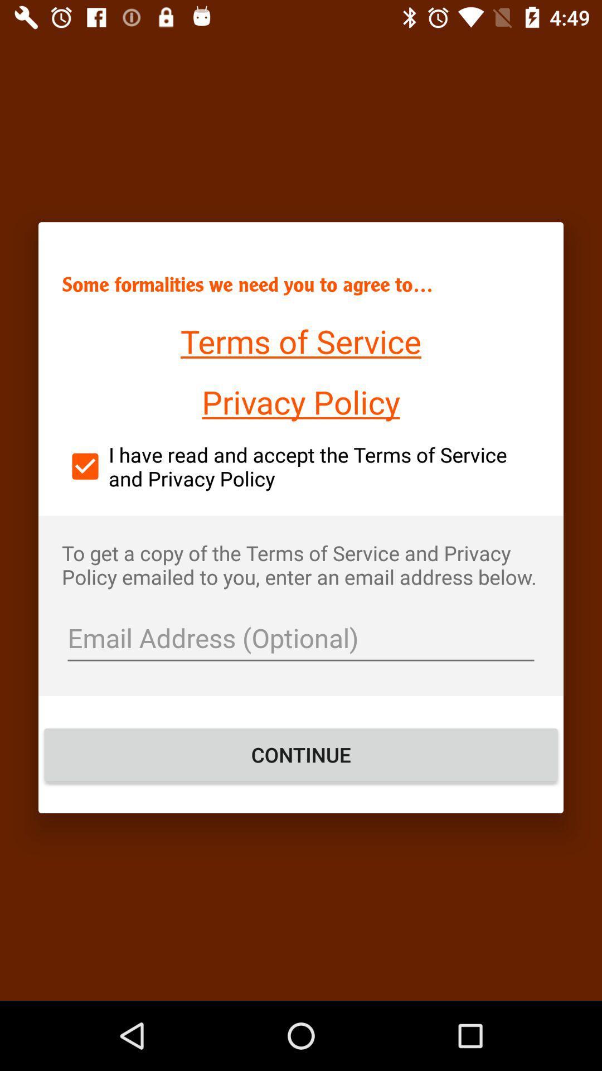 This screenshot has width=602, height=1071. I want to click on text field foe email address, so click(301, 639).